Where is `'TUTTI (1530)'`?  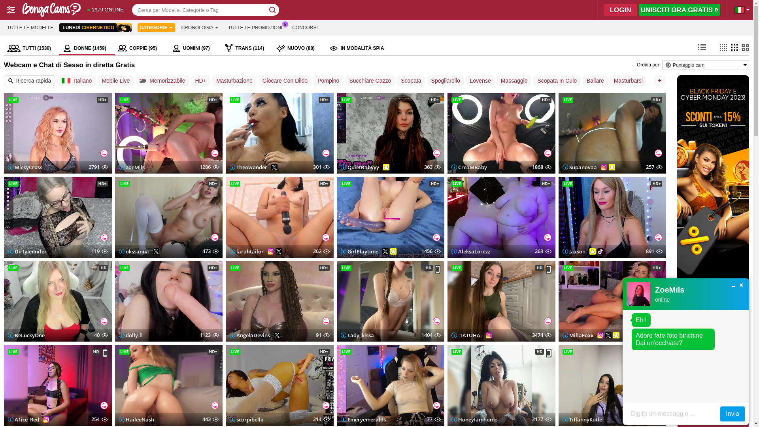
'TUTTI (1530)' is located at coordinates (32, 48).